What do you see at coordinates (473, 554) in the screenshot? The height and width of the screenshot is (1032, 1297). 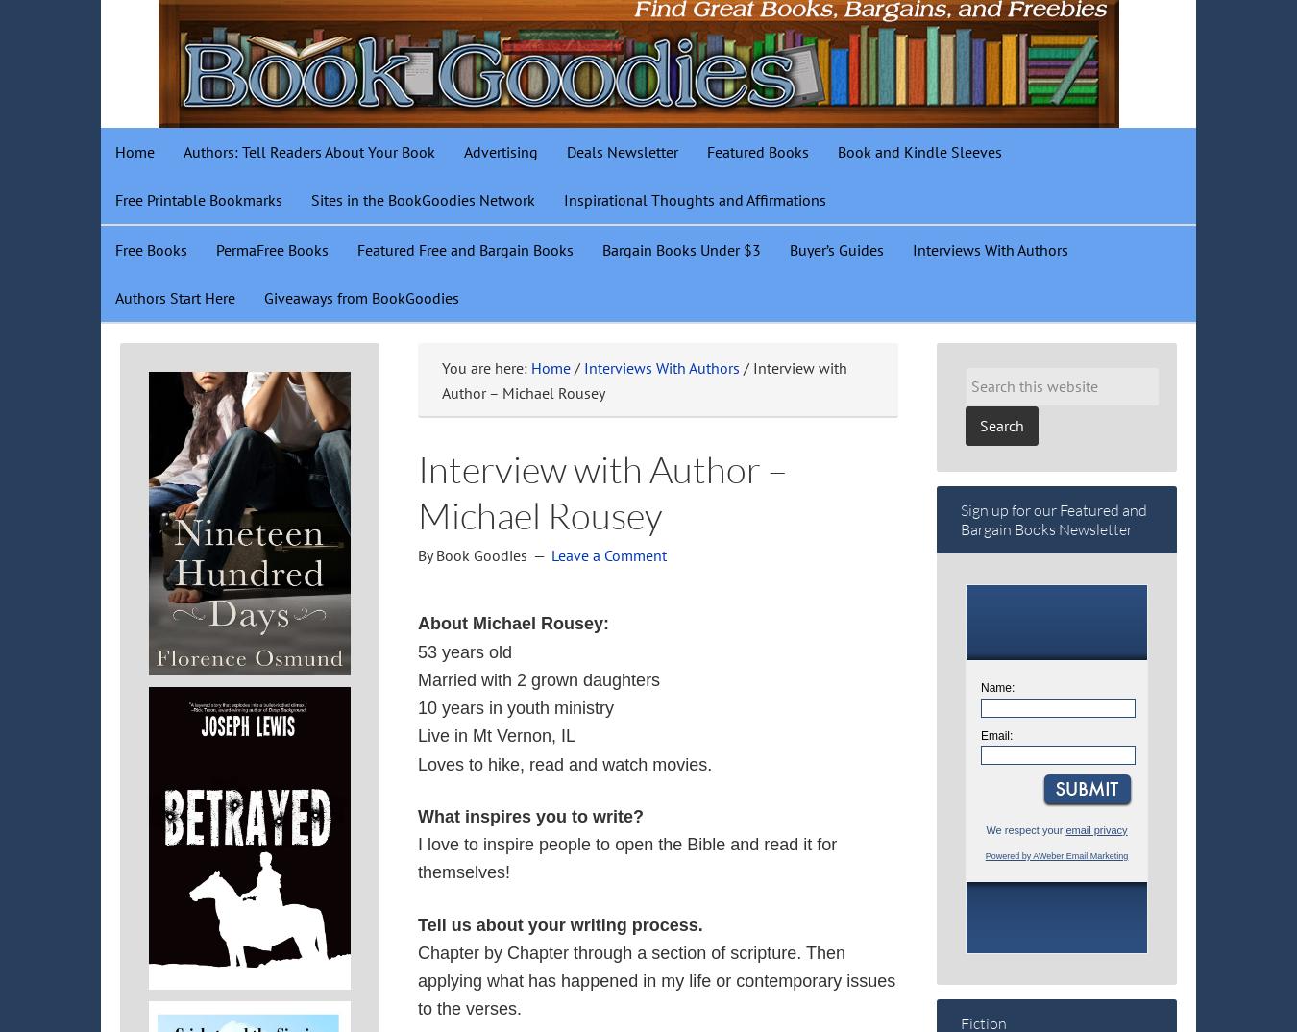 I see `'By Book Goodies'` at bounding box center [473, 554].